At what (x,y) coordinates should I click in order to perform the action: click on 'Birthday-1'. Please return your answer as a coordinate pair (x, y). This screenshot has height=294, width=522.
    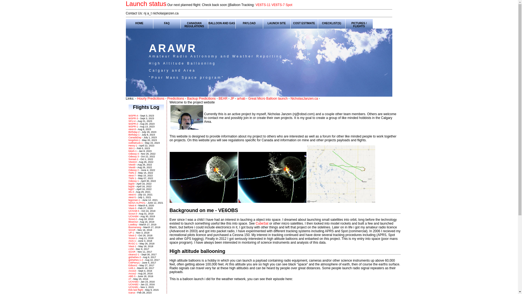
    Looking at the image, I should click on (134, 134).